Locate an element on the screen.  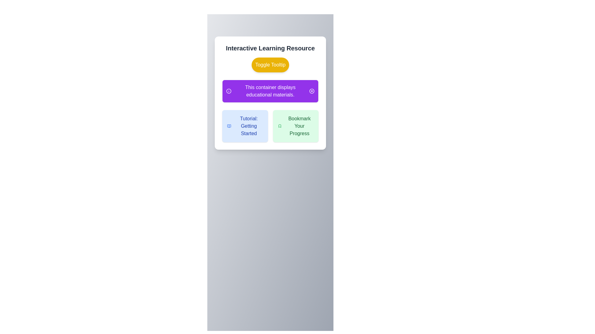
the text label displaying 'Tutorial: Getting Started', which is styled with a medium-weight font in blue and located next to an open book icon is located at coordinates (249, 126).